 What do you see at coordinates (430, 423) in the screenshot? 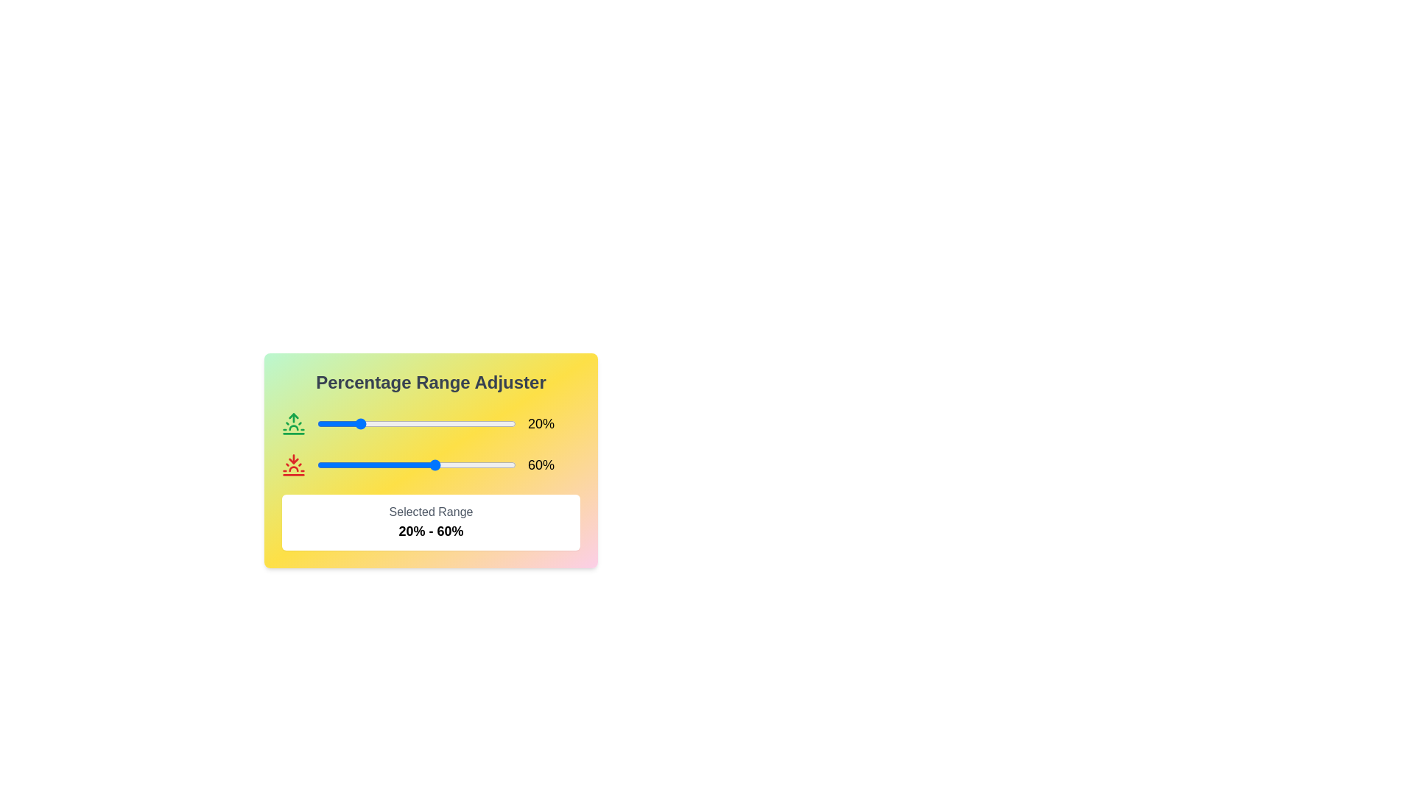
I see `the track of the slider to reposition the handle, which is located below the heading 'Percentage Range Adjuster' and above the '60%' slider` at bounding box center [430, 423].